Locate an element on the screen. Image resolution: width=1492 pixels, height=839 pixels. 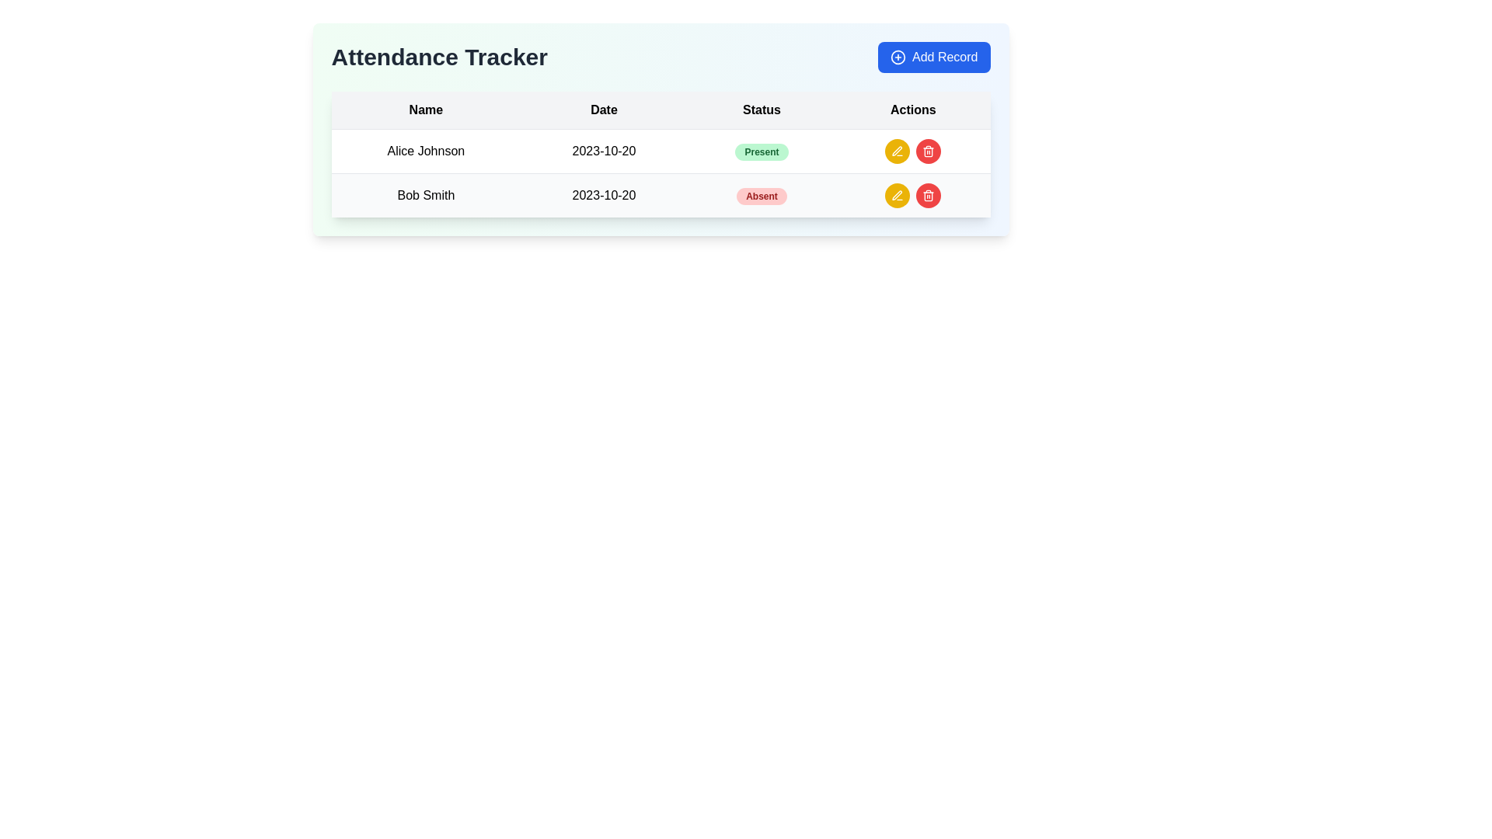
the static text element displaying the name 'Bob Smith' in bold black font, which is located in the second row's first cell of a table under the column labeled 'Name' is located at coordinates (426, 194).